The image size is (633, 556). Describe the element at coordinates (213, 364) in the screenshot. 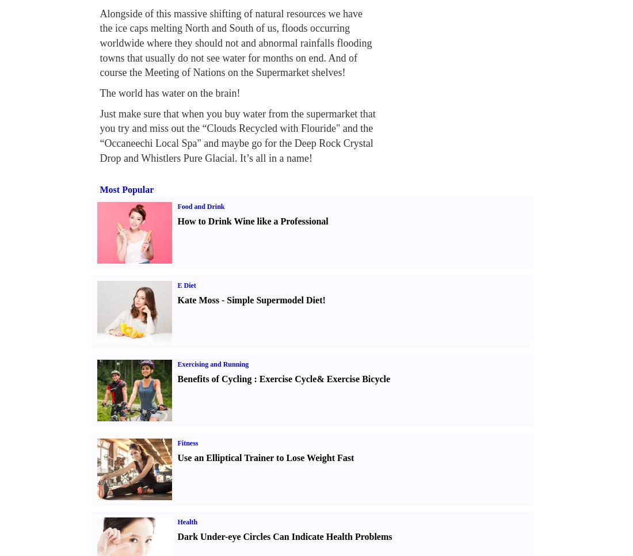

I see `'Exercising and Running'` at that location.